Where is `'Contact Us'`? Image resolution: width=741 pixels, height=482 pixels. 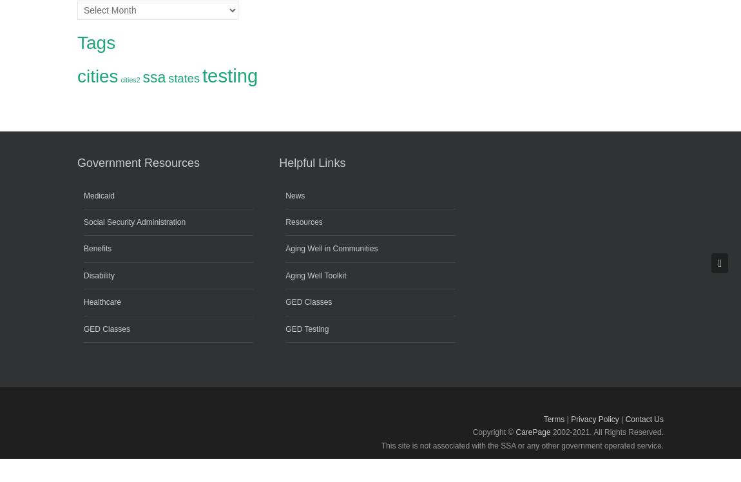
'Contact Us' is located at coordinates (625, 418).